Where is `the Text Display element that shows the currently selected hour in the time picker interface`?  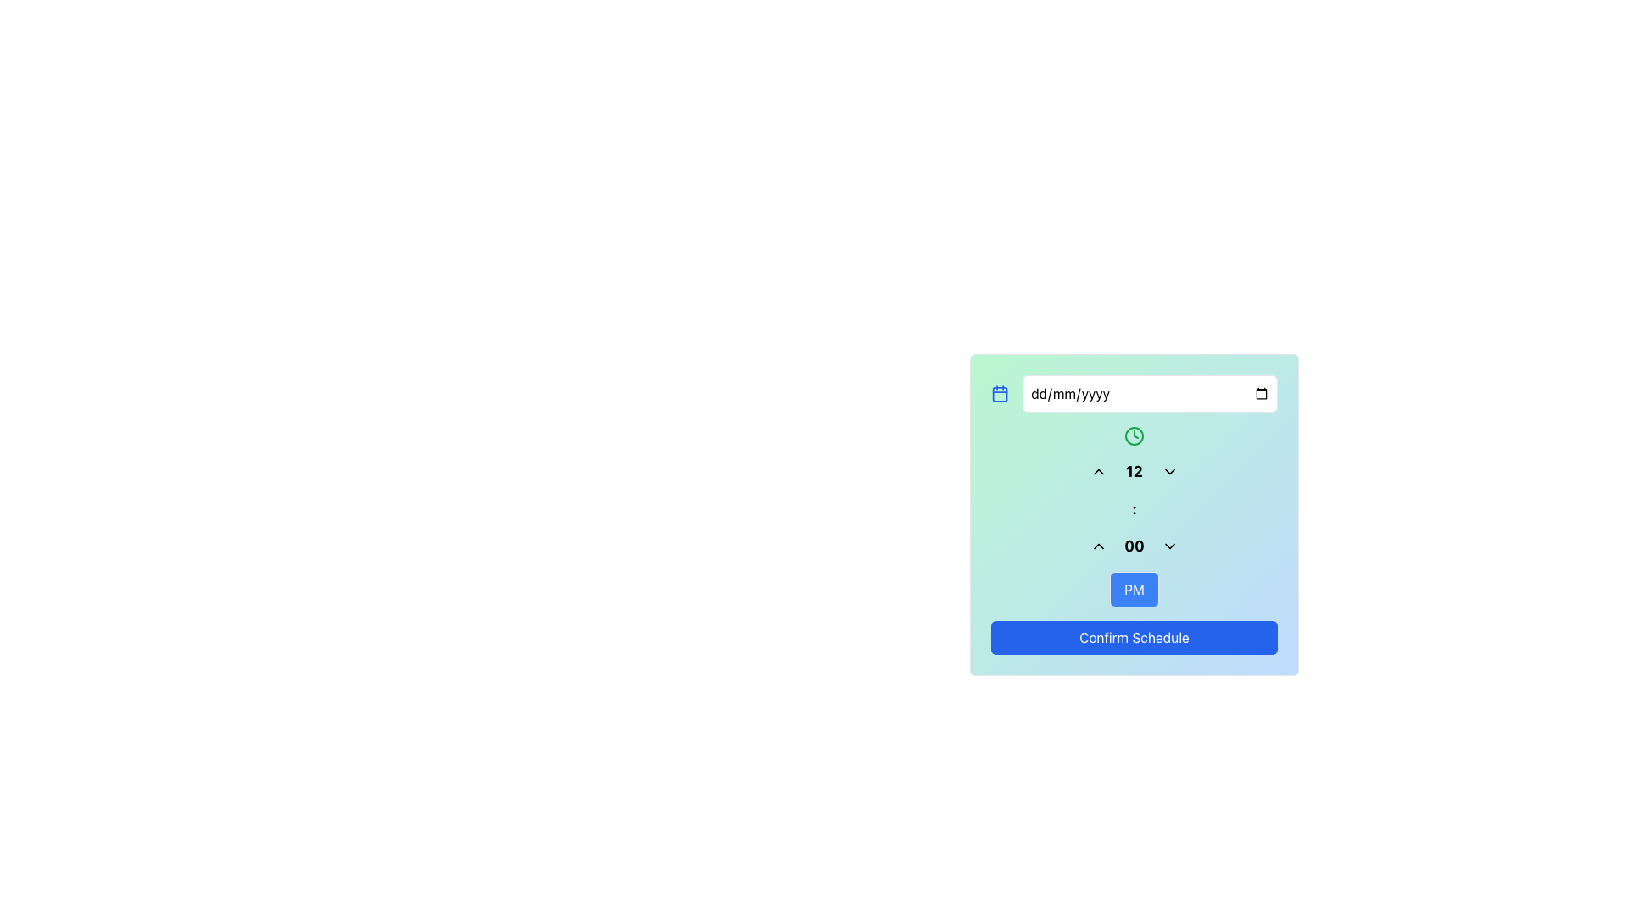 the Text Display element that shows the currently selected hour in the time picker interface is located at coordinates (1135, 471).